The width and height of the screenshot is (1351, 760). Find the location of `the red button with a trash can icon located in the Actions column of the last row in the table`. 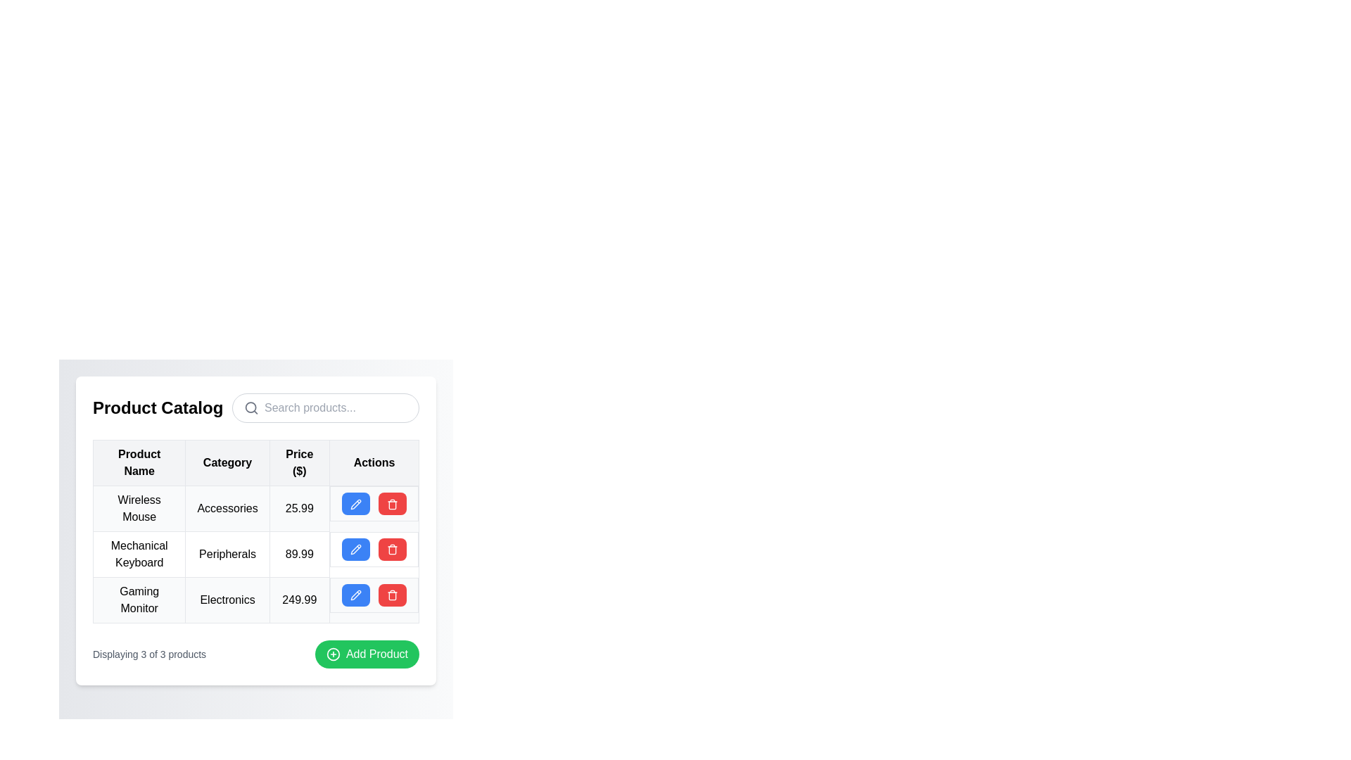

the red button with a trash can icon located in the Actions column of the last row in the table is located at coordinates (392, 595).